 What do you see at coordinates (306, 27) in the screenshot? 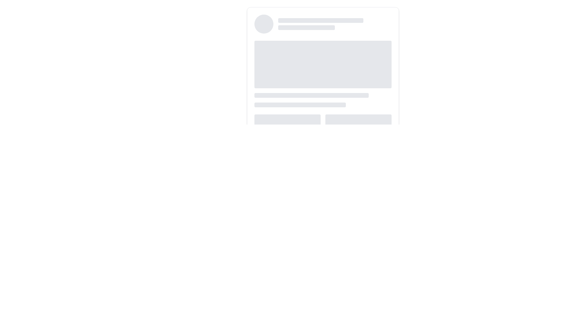
I see `the Placeholder bar, which is the second horizontal bar positioned directly below the first bar in the upper portion of the interface` at bounding box center [306, 27].